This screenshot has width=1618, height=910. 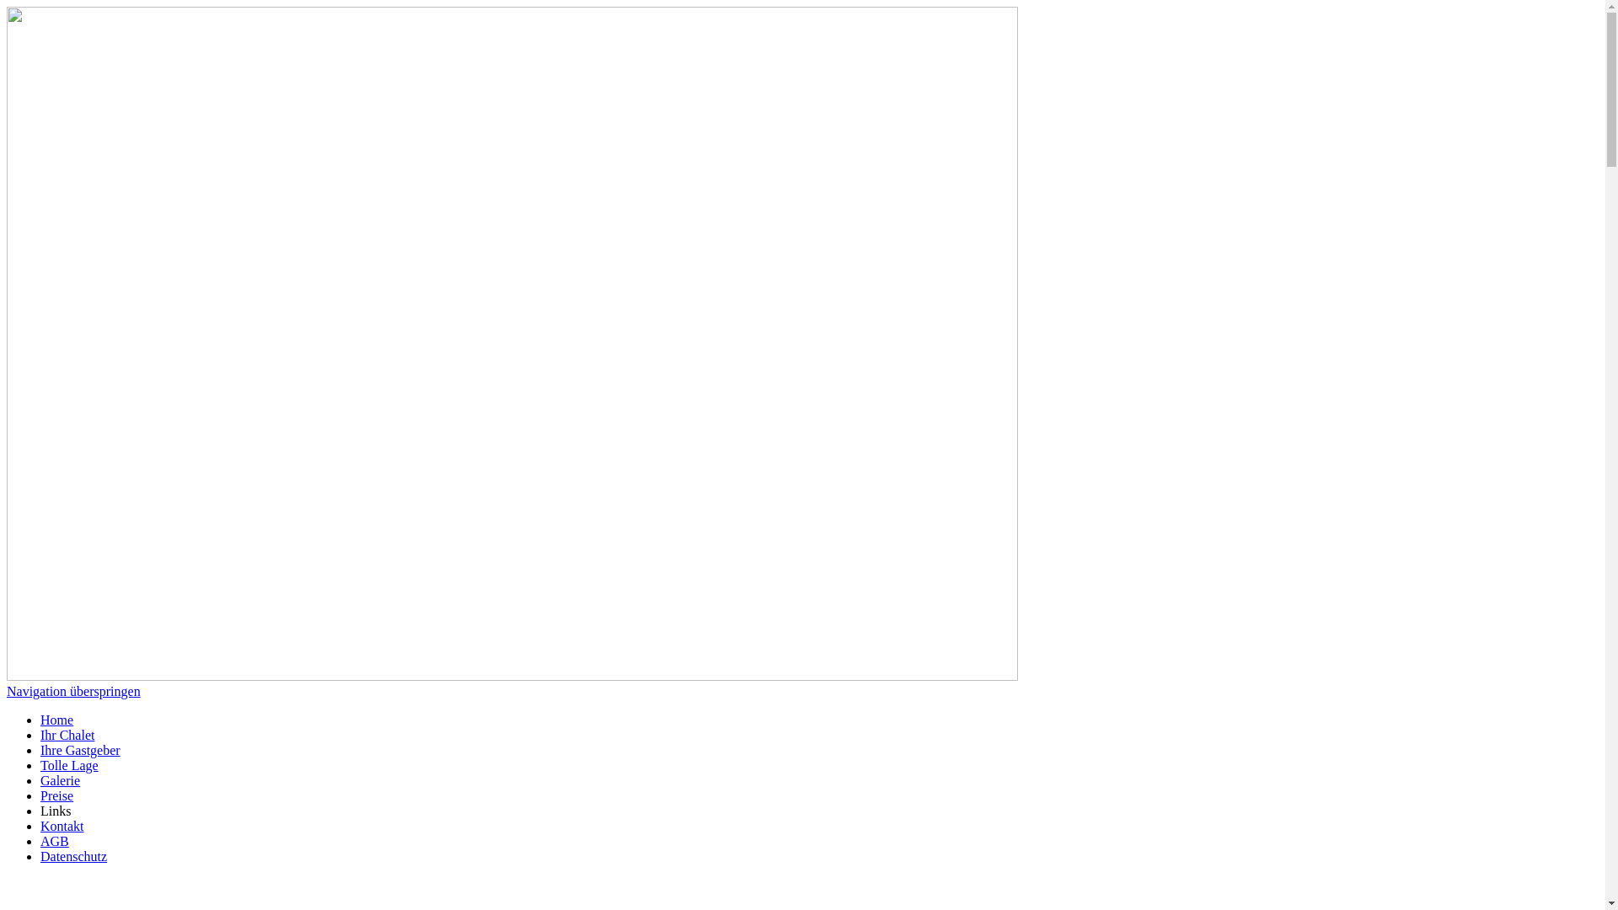 I want to click on 'Kontakt', so click(x=62, y=825).